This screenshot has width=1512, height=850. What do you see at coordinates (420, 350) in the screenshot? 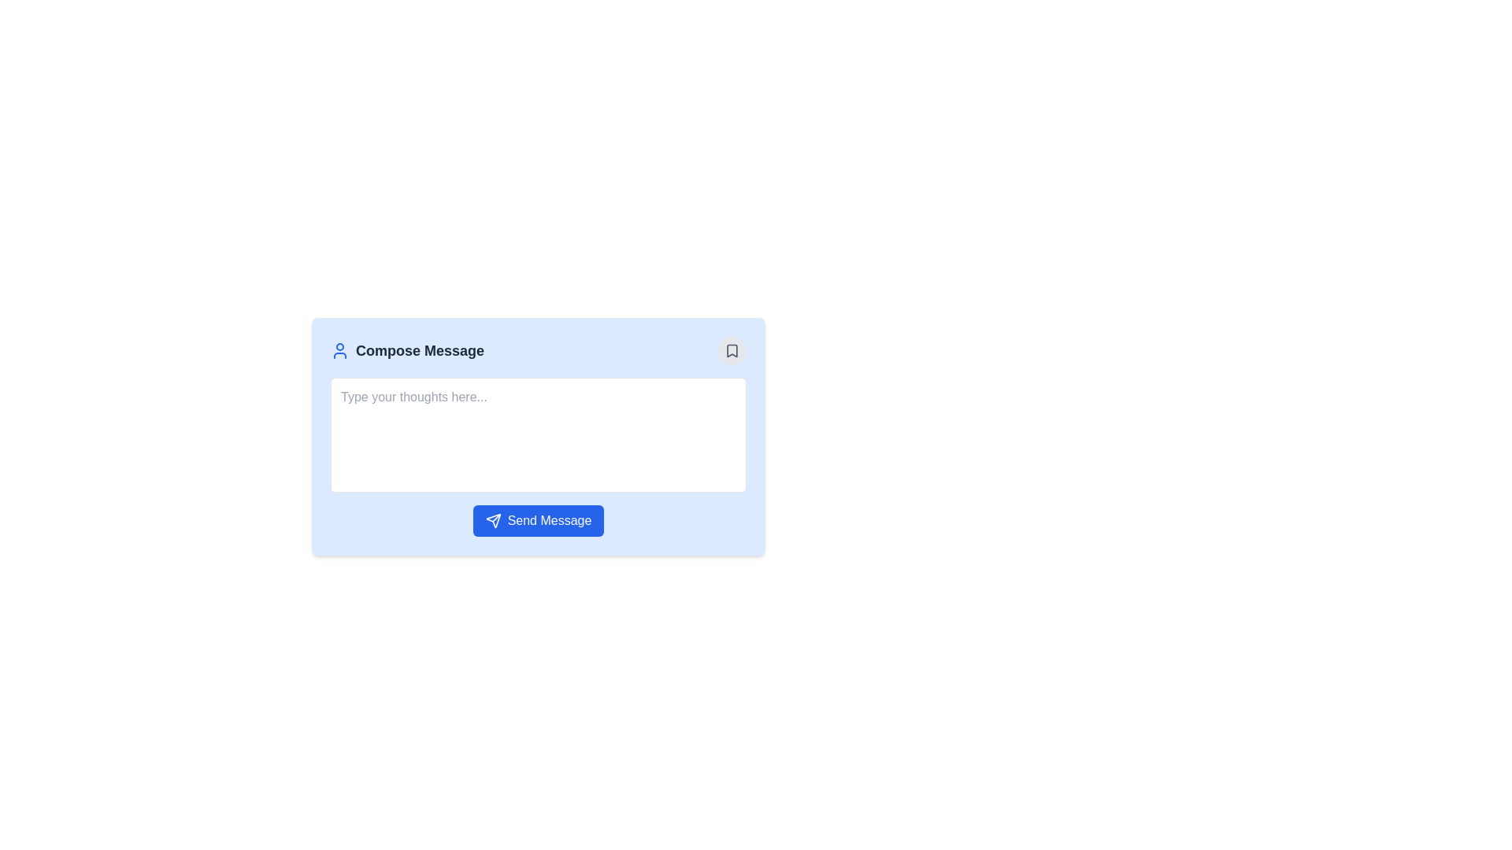
I see `the Text Label that serves as a title for the message composition section, located above the text input area` at bounding box center [420, 350].